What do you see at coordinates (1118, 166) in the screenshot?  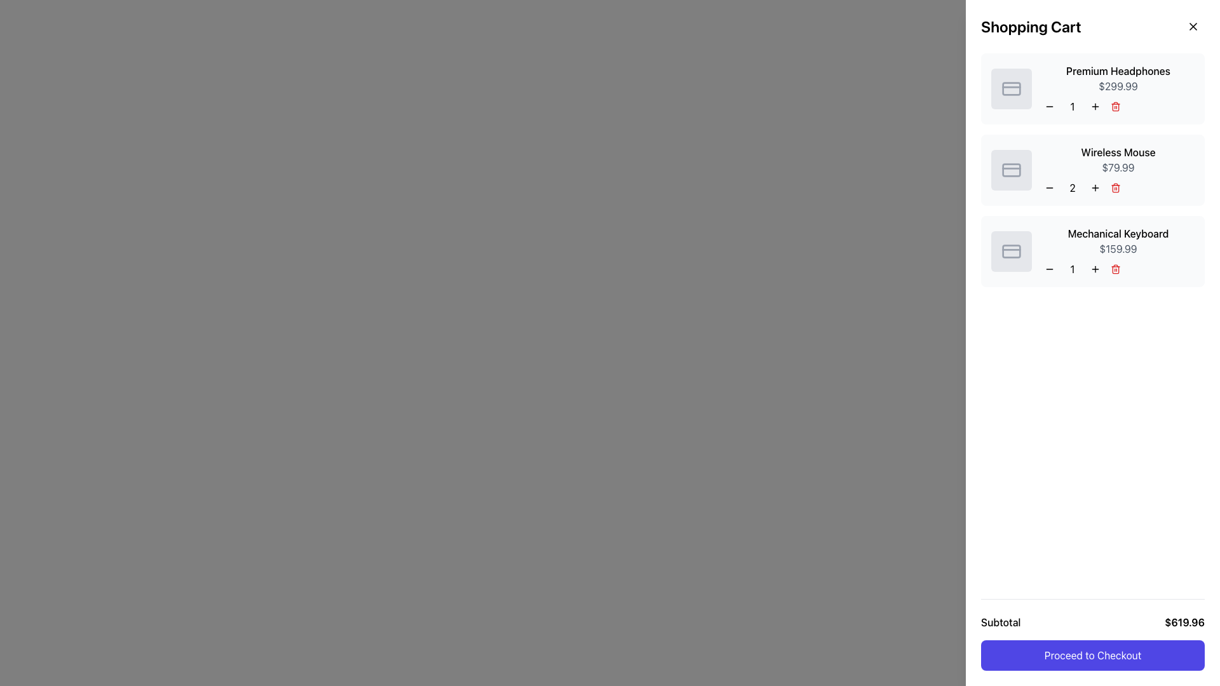 I see `price text '$79.99' displayed in gray font directly beneath the 'Wireless Mouse' label in the shopping cart section` at bounding box center [1118, 166].